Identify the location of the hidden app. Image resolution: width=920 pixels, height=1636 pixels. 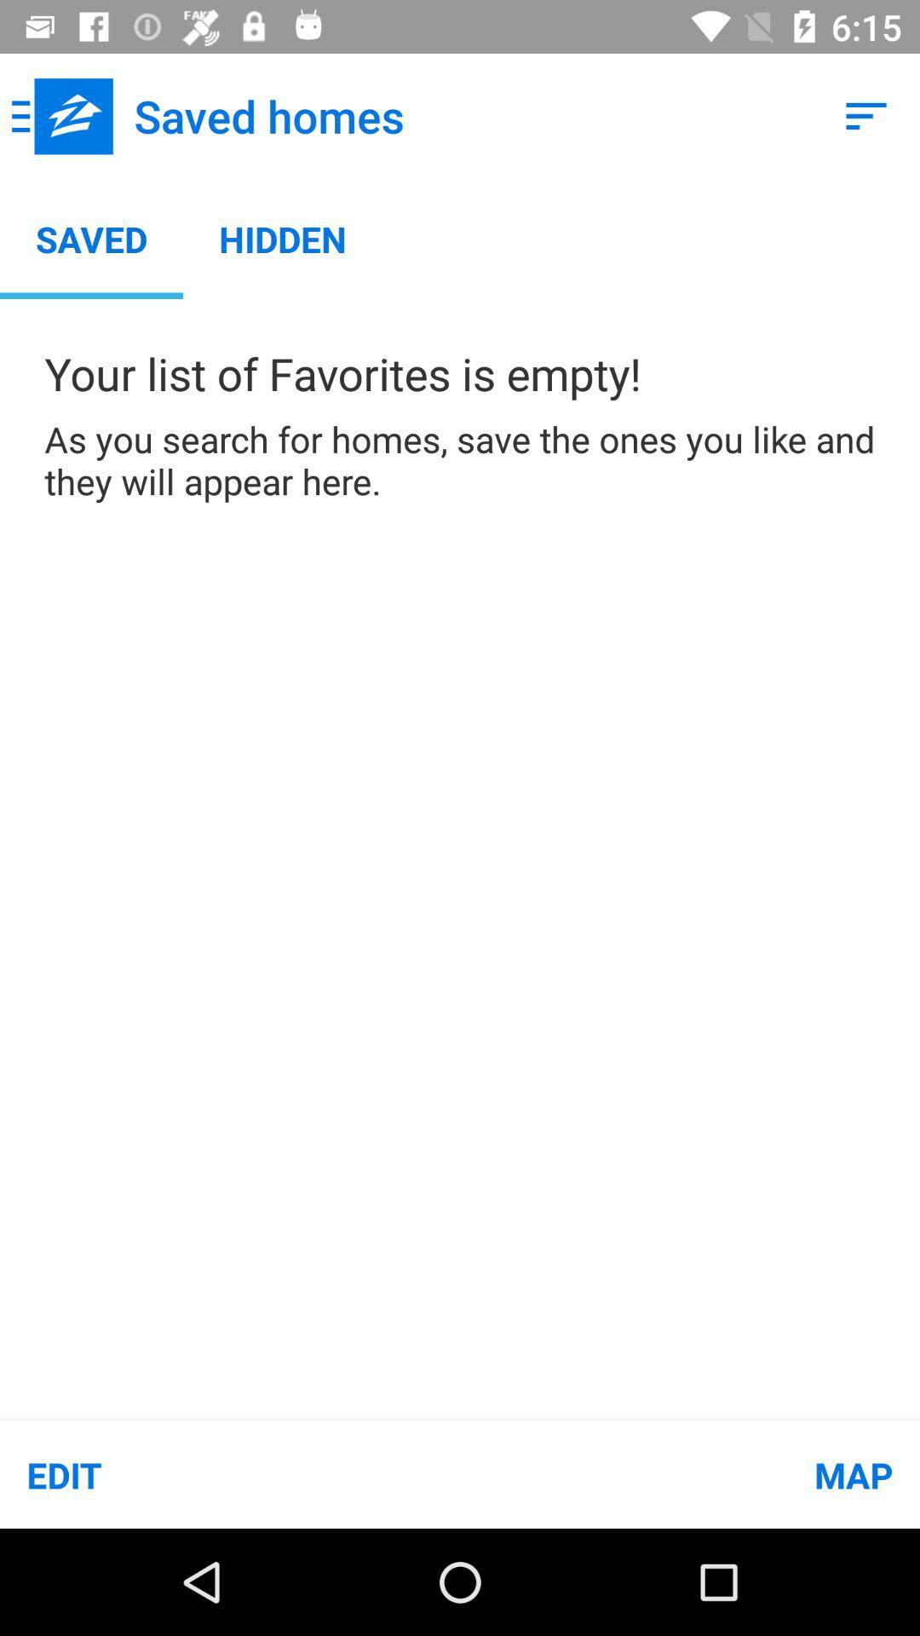
(282, 238).